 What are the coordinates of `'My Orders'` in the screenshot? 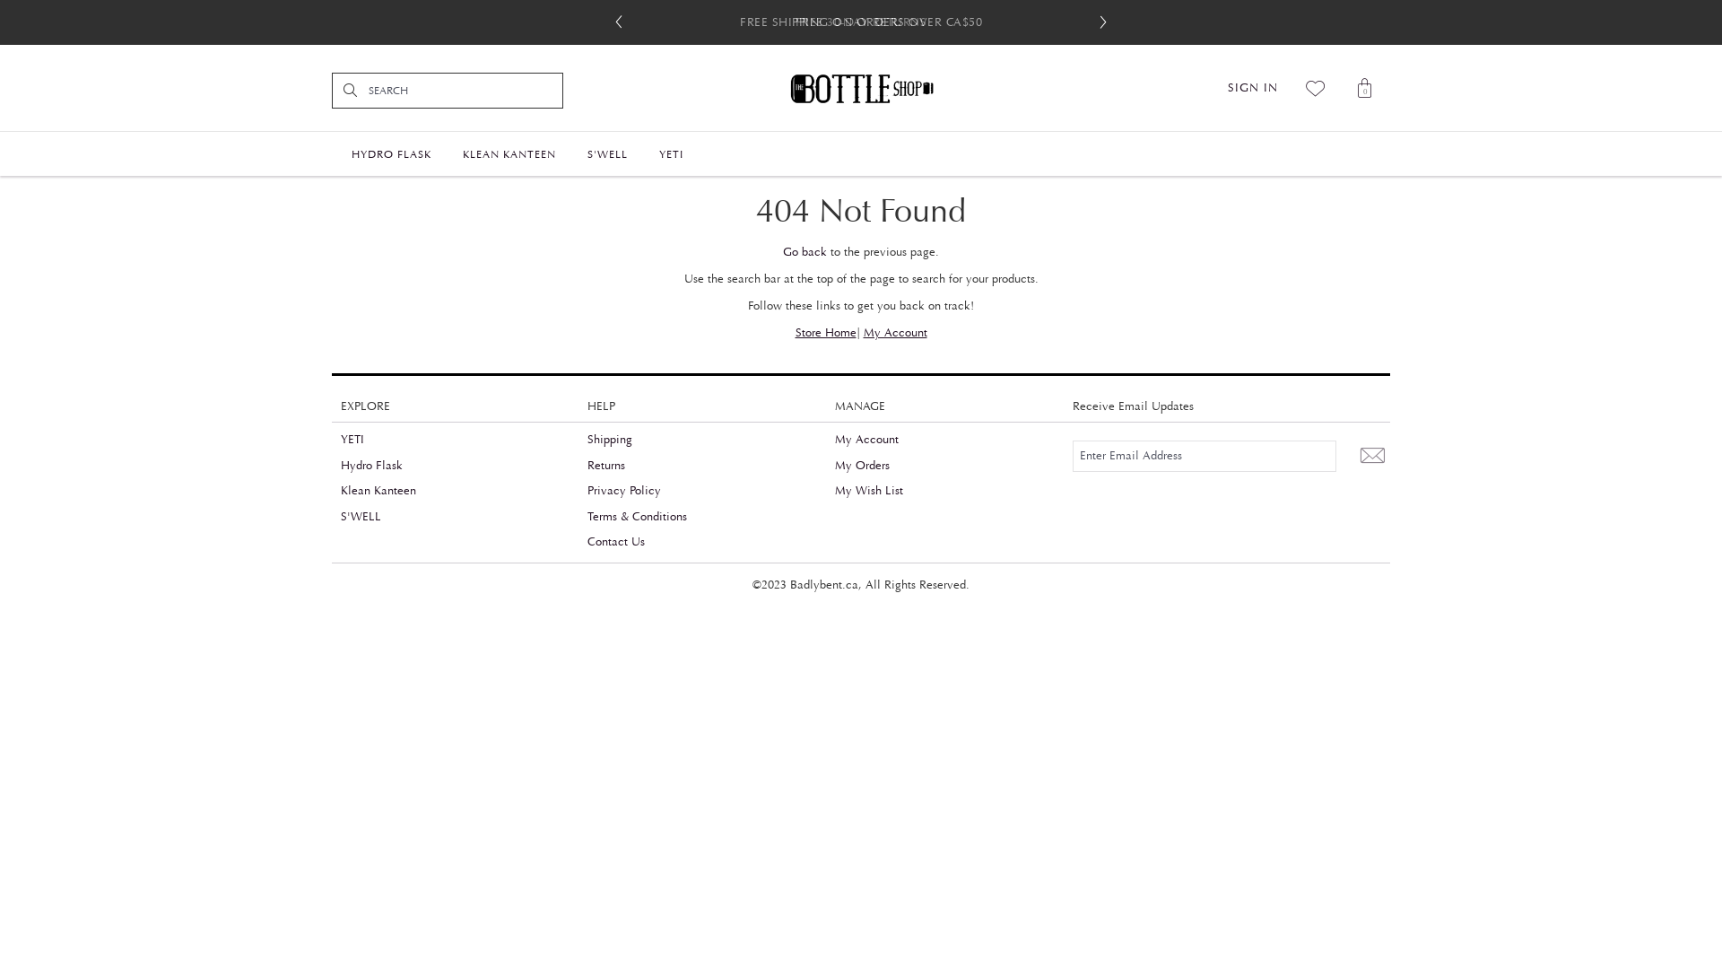 It's located at (862, 465).